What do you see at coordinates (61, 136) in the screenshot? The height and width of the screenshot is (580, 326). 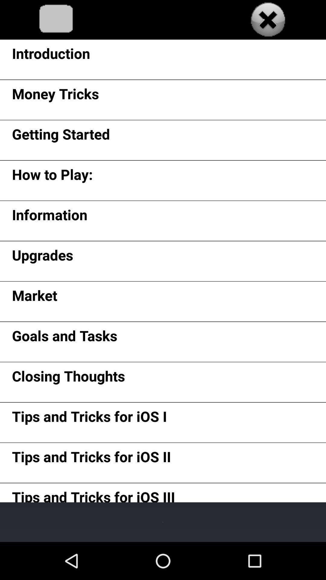 I see `the item below money tricks item` at bounding box center [61, 136].